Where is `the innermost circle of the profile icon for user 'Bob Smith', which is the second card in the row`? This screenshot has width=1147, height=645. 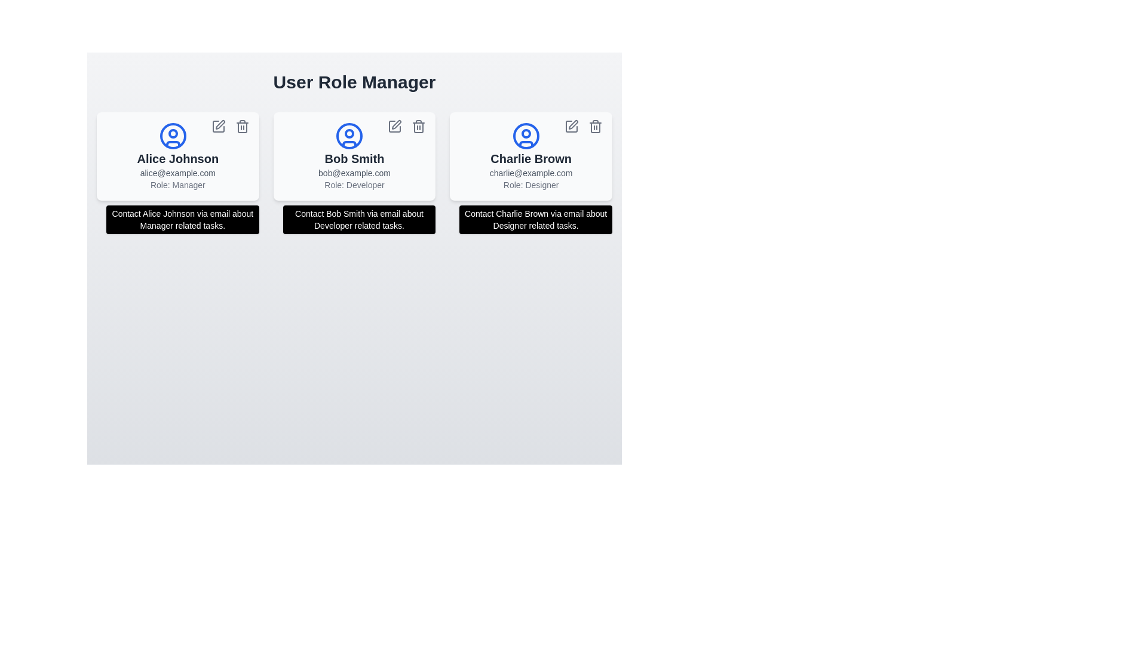 the innermost circle of the profile icon for user 'Bob Smith', which is the second card in the row is located at coordinates (349, 135).